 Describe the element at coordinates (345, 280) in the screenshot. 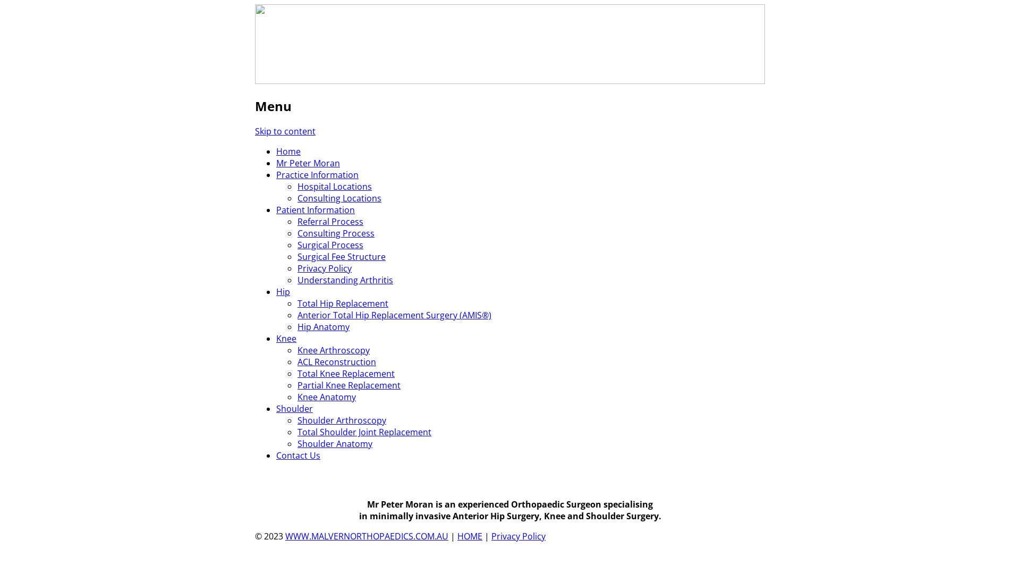

I see `'Understanding Arthritis'` at that location.